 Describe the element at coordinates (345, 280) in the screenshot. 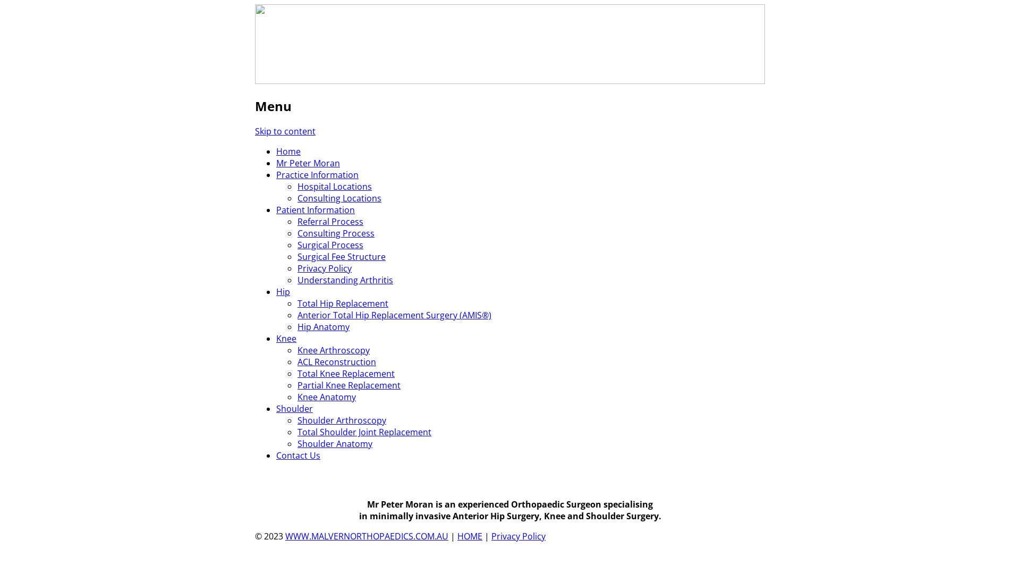

I see `'Understanding Arthritis'` at that location.